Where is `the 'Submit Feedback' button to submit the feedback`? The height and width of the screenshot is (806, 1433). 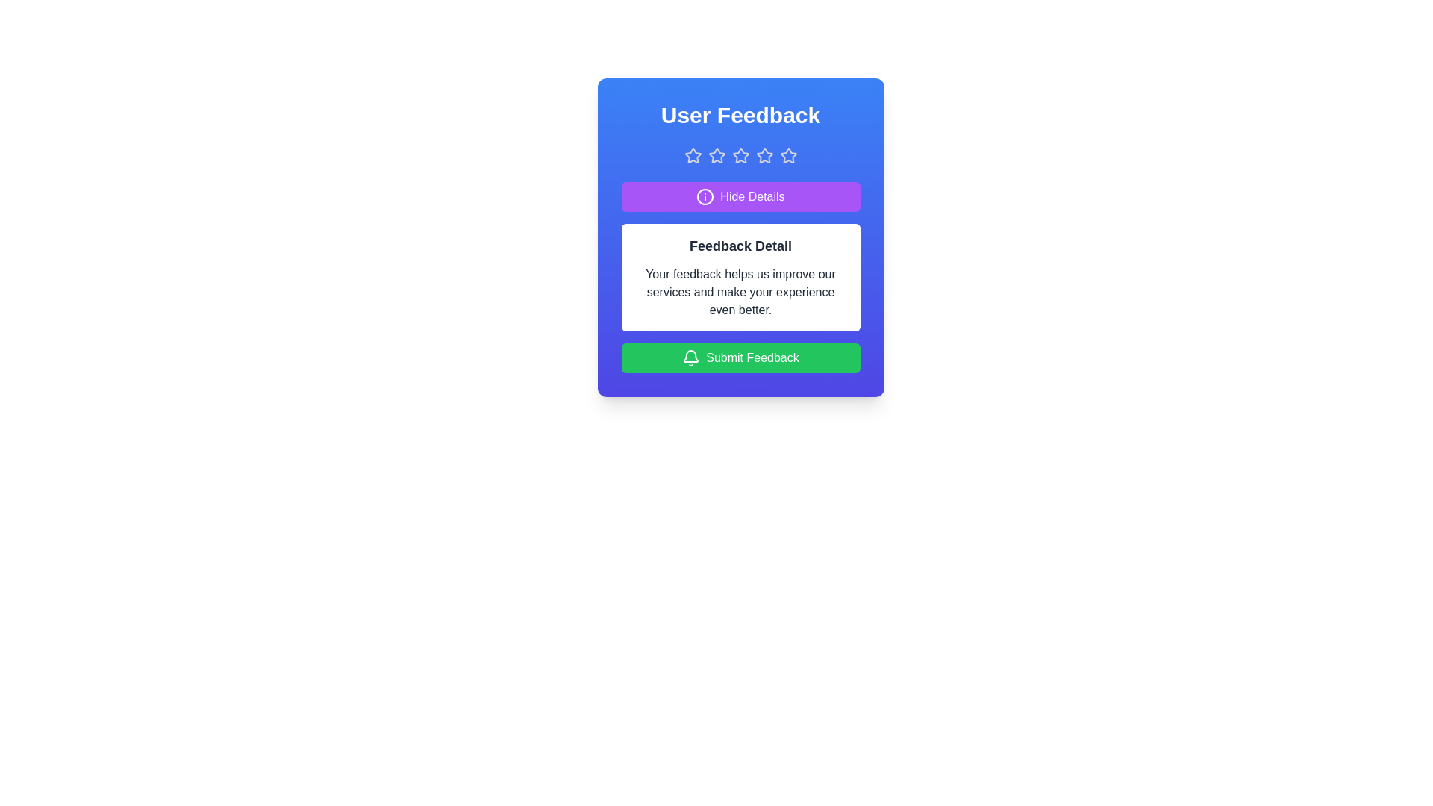
the 'Submit Feedback' button to submit the feedback is located at coordinates (740, 357).